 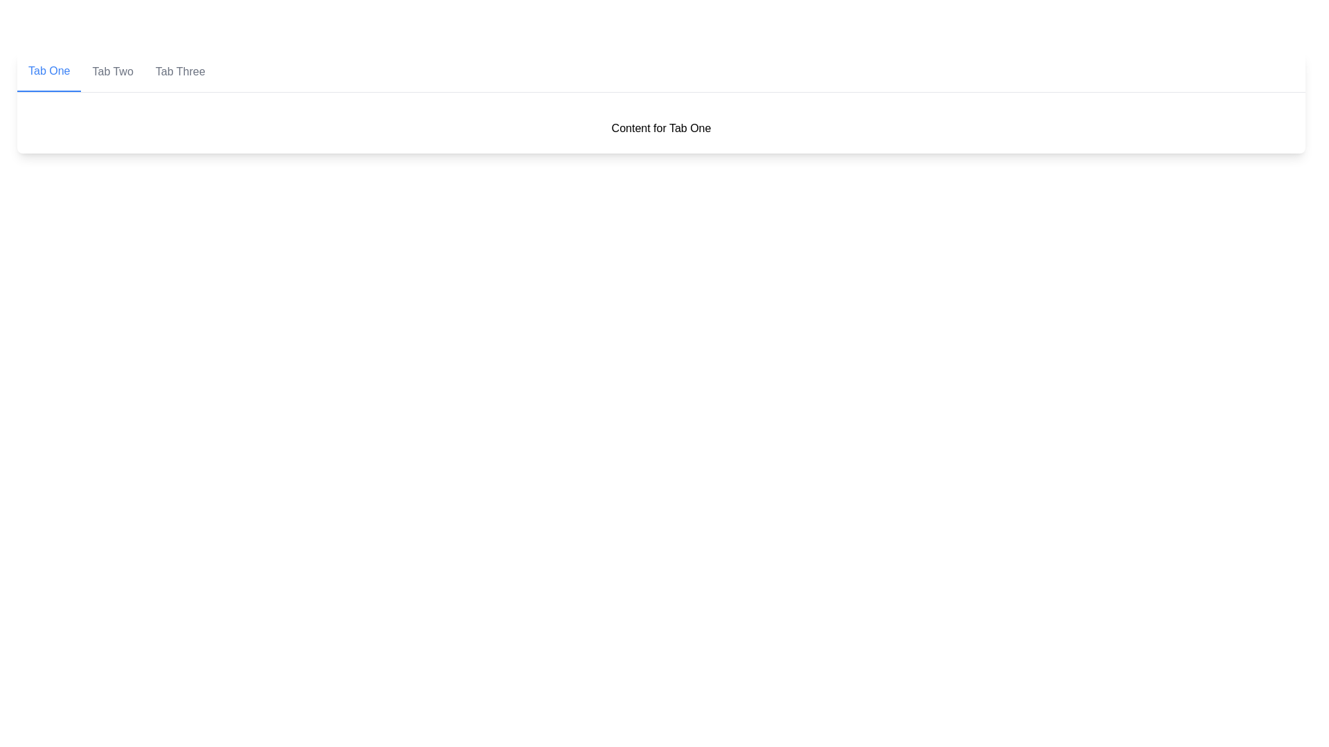 What do you see at coordinates (113, 72) in the screenshot?
I see `the tab Tab Two` at bounding box center [113, 72].